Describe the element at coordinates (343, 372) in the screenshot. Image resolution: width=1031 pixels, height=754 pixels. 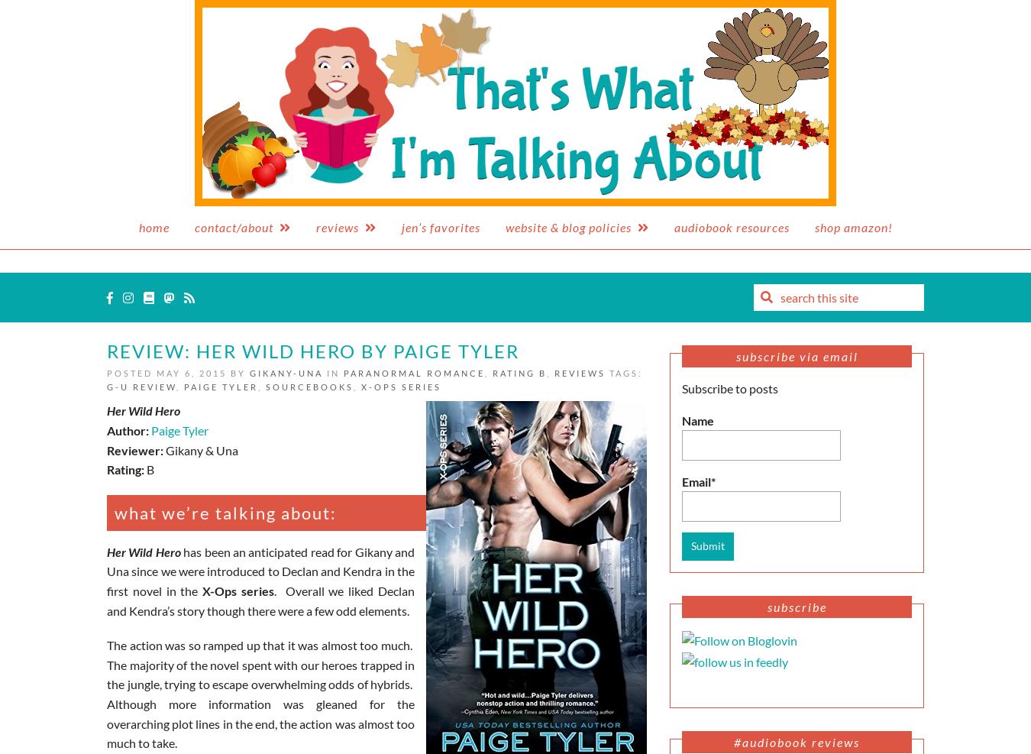
I see `'Paranormal Romance'` at that location.